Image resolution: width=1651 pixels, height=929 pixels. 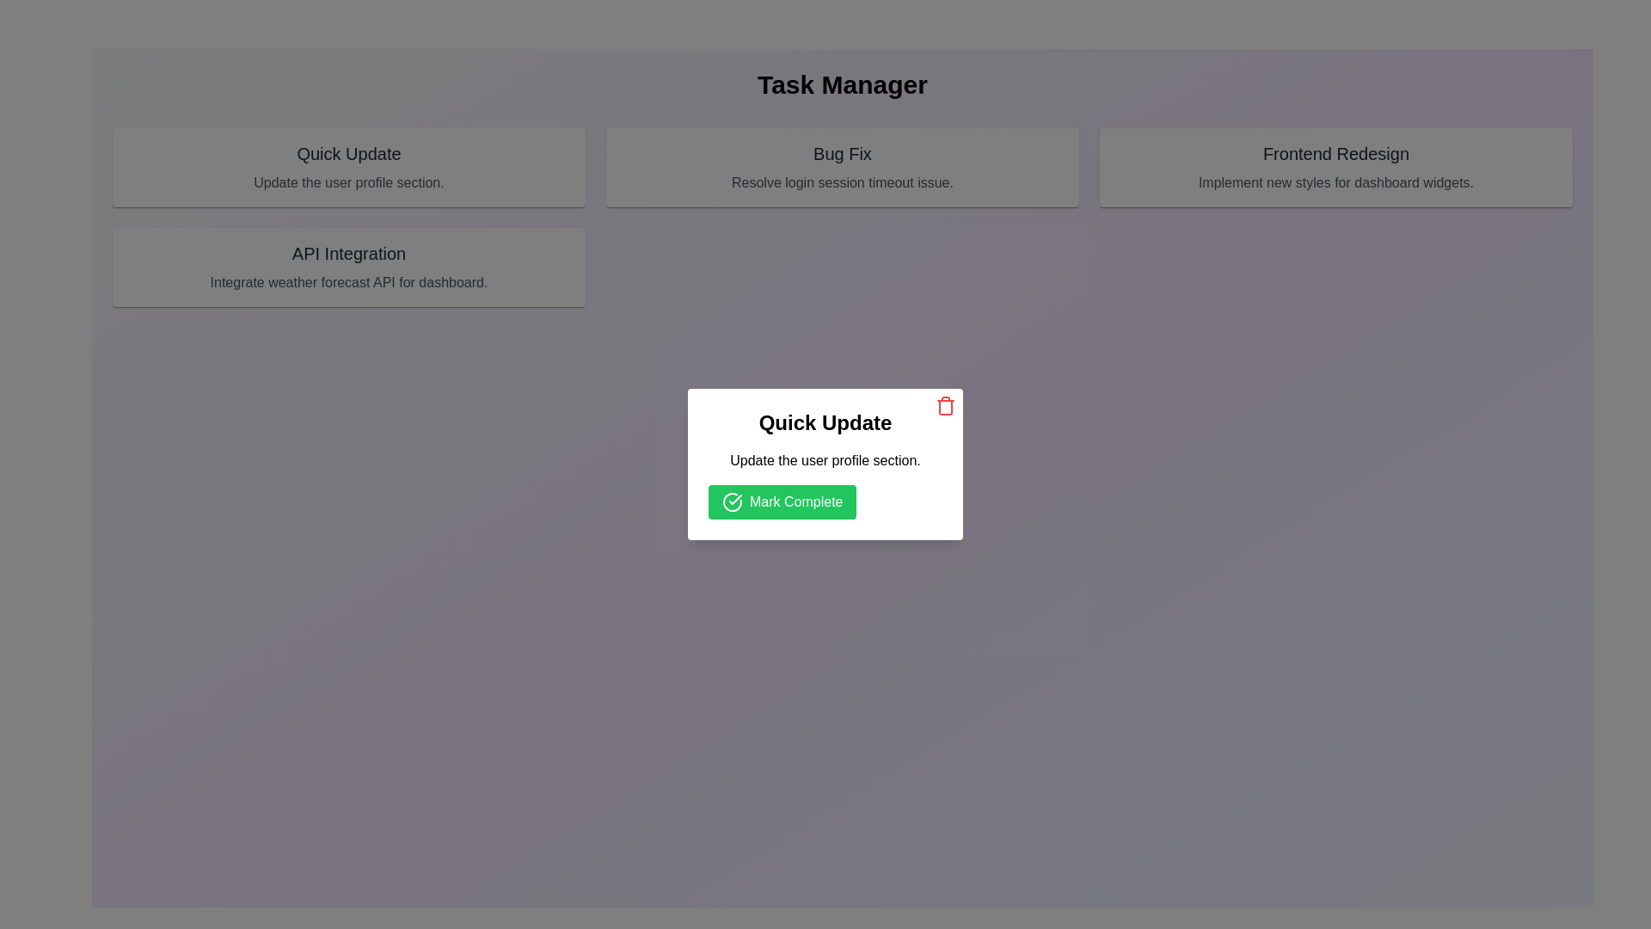 What do you see at coordinates (944, 405) in the screenshot?
I see `the delete icon button located in the top-right corner of the 'Quick Update' card` at bounding box center [944, 405].